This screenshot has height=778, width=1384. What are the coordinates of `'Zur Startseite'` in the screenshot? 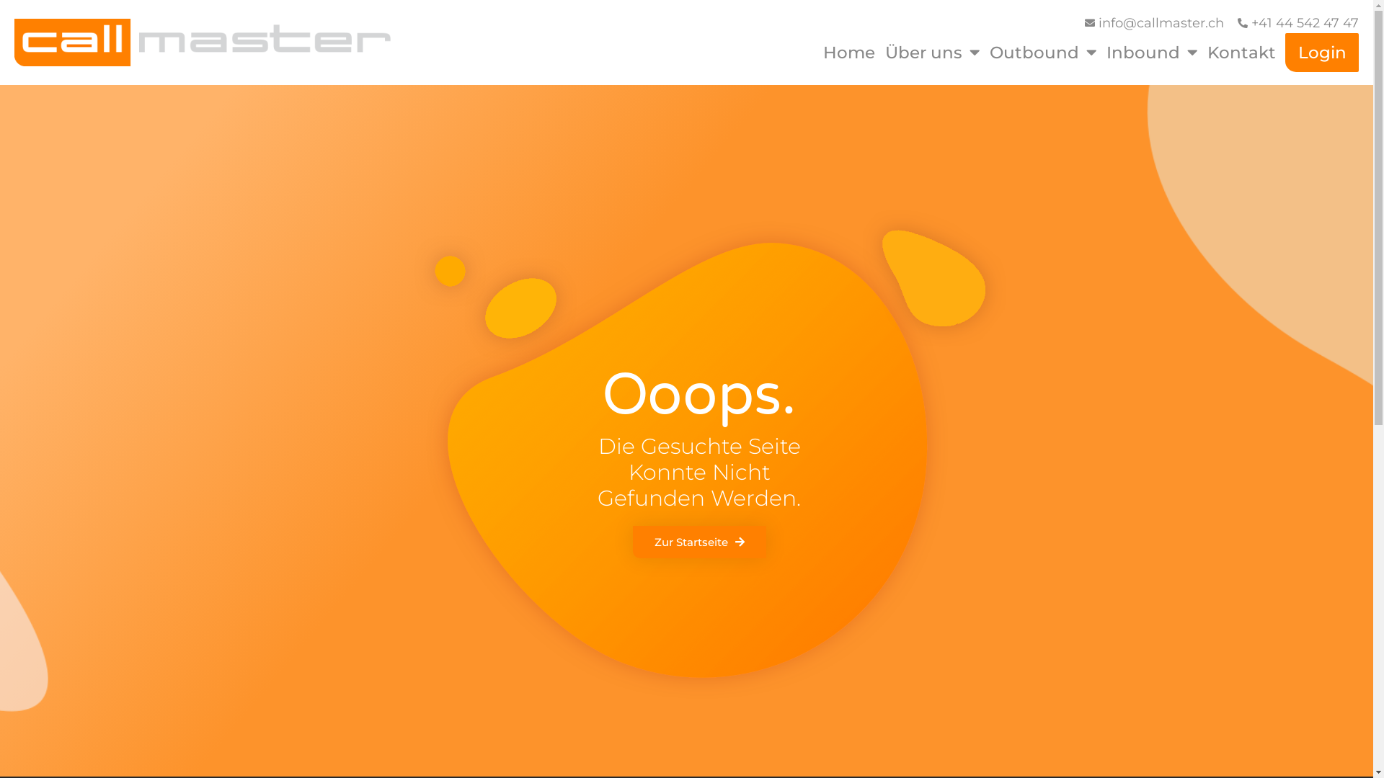 It's located at (699, 542).